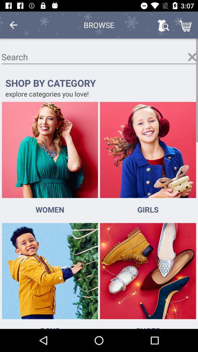 Image resolution: width=198 pixels, height=352 pixels. Describe the element at coordinates (192, 56) in the screenshot. I see `clears out text` at that location.